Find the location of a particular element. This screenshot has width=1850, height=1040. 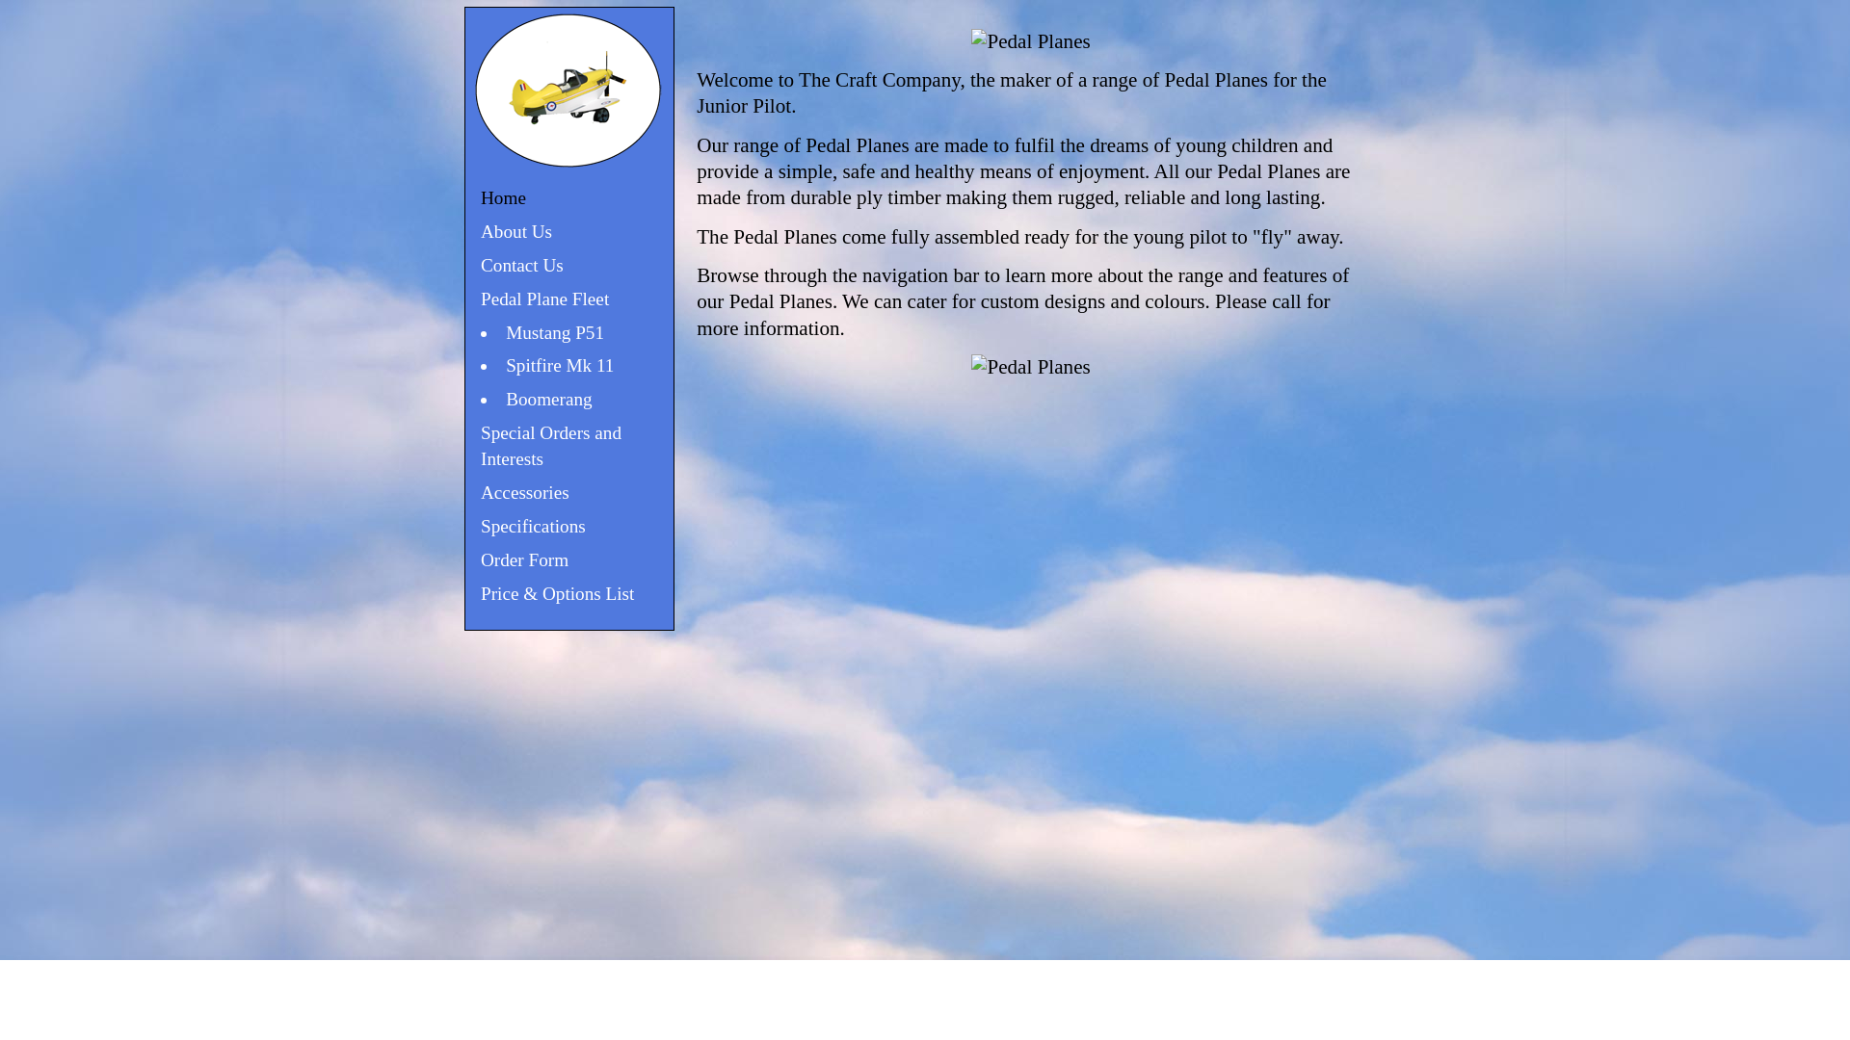

'Specifications' is located at coordinates (533, 526).